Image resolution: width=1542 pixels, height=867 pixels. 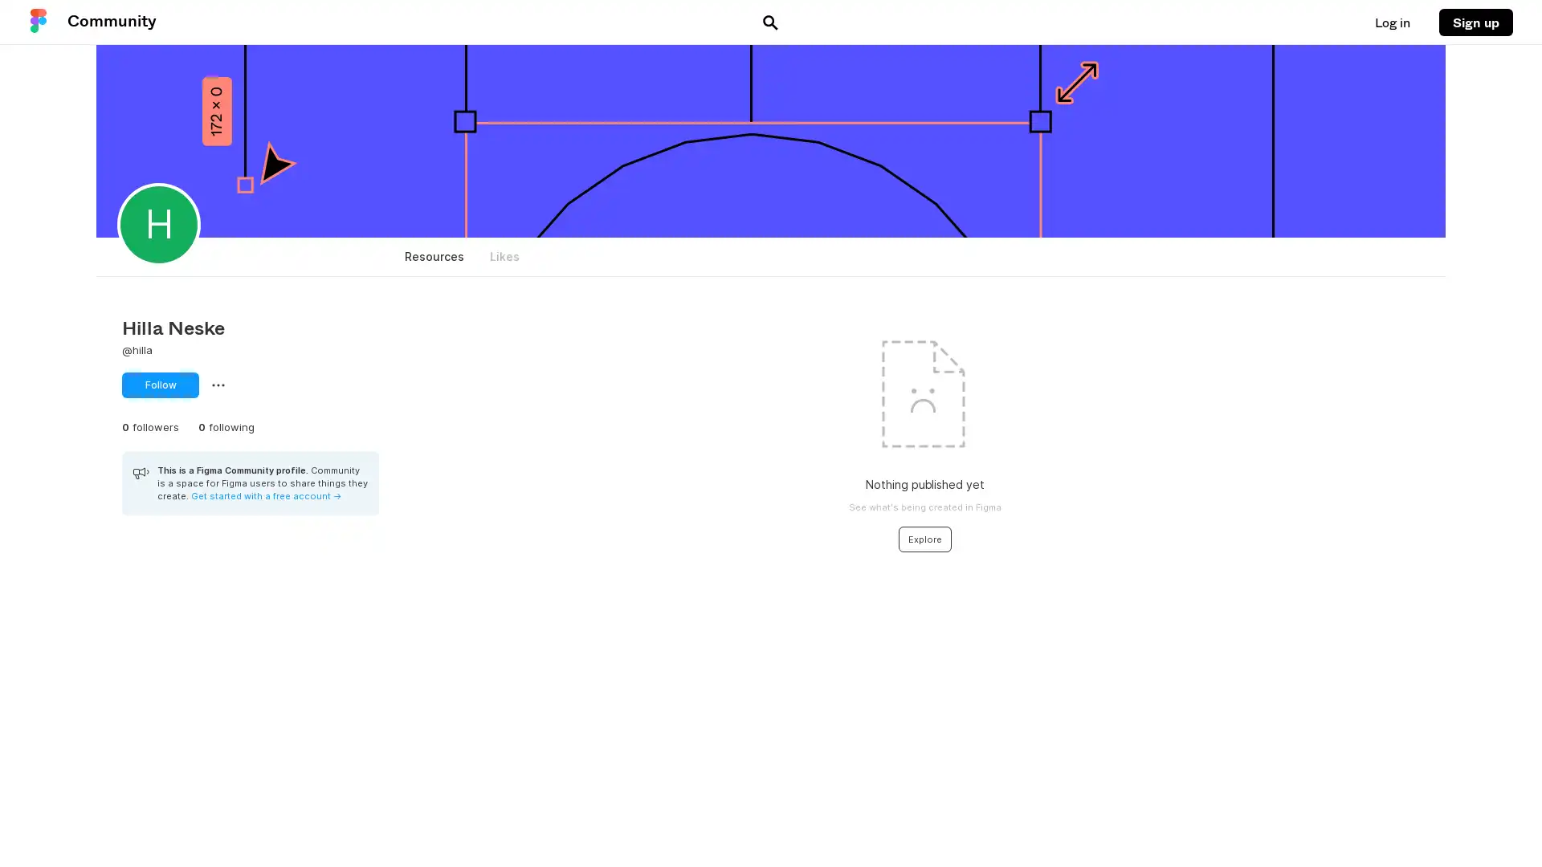 I want to click on Follow, so click(x=161, y=385).